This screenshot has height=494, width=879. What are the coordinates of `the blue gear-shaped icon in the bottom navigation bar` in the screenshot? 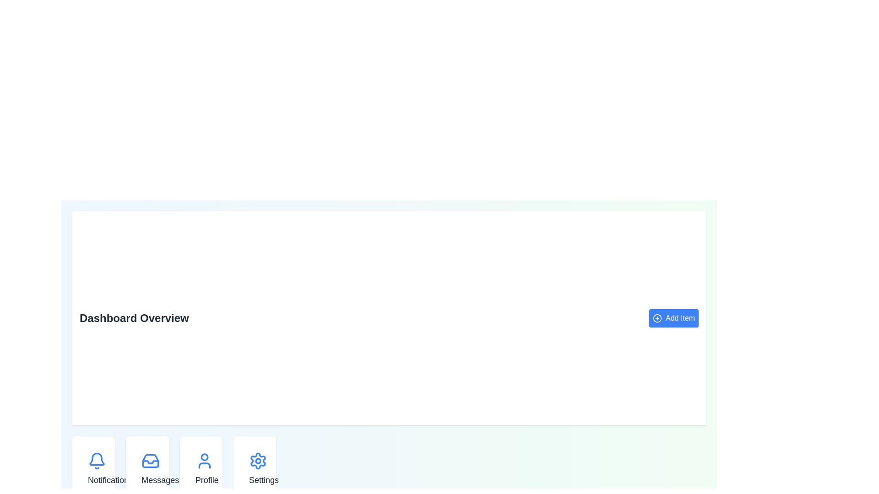 It's located at (258, 460).